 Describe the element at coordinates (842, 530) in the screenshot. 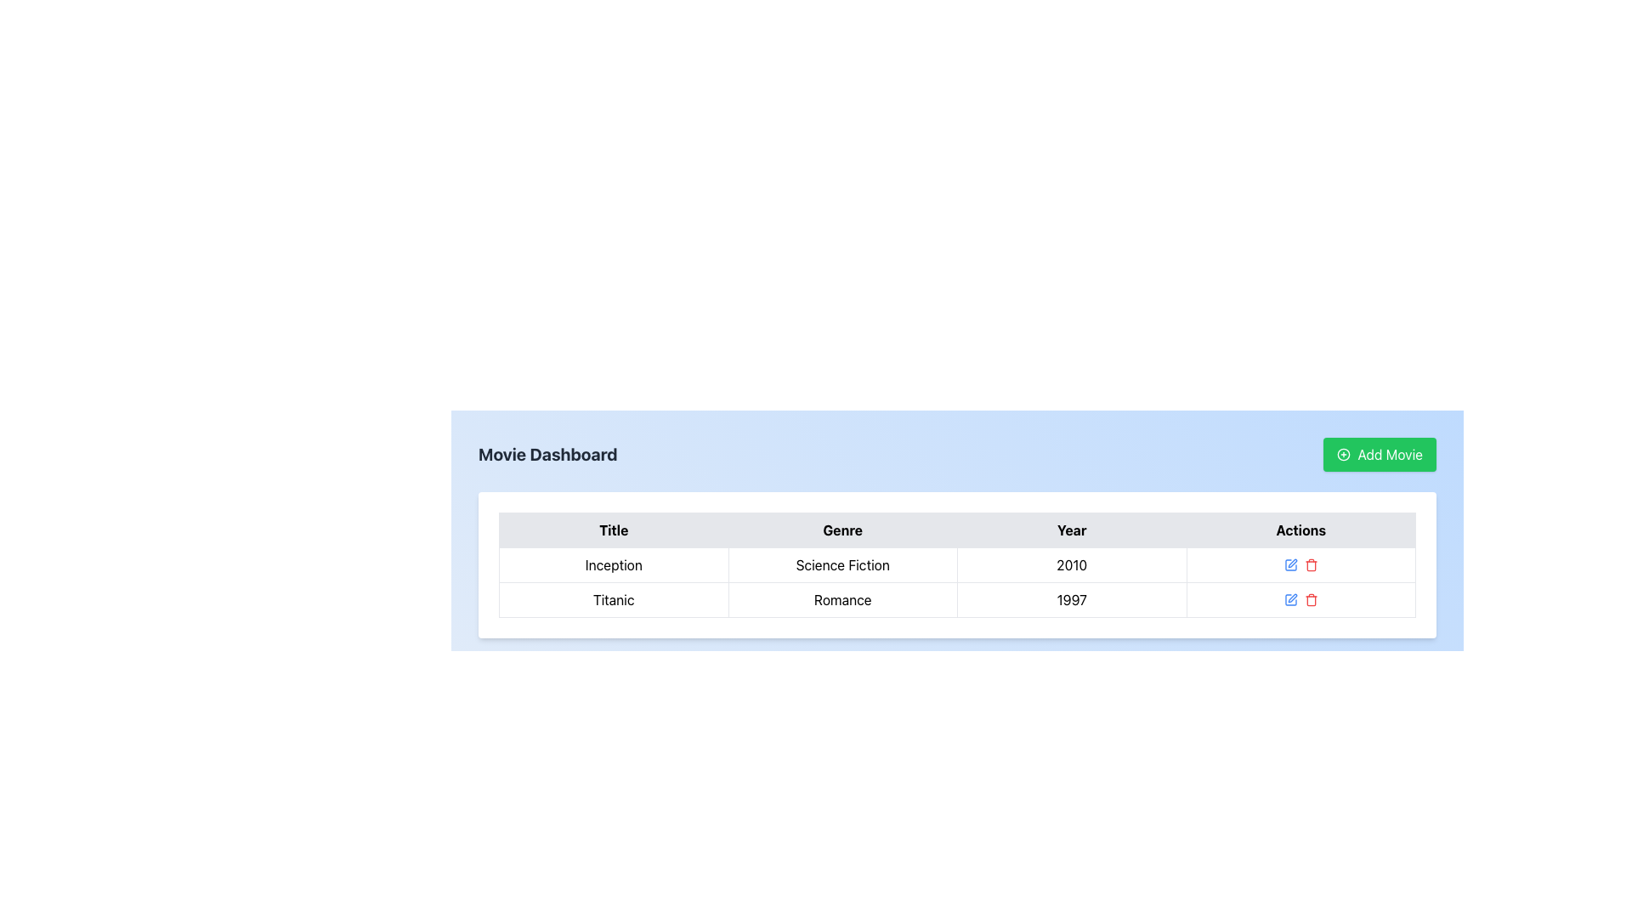

I see `the second column header of the table, which indicates the genre of a movie, located between the 'Title' and 'Year' headers` at that location.